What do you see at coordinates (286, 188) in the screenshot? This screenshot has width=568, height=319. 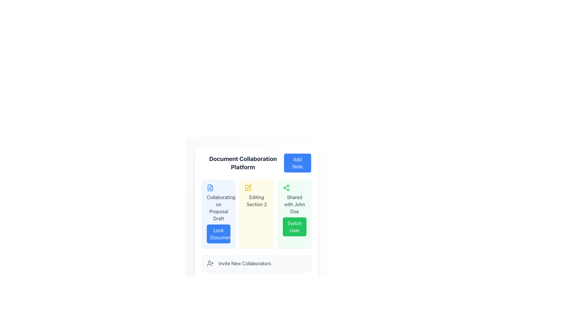 I see `the sharing icon located at the top left corner of the green-highlighted card labeled 'Shared with John Doe', positioned in the third column of the main layout grid, above the 'Switch User' button` at bounding box center [286, 188].